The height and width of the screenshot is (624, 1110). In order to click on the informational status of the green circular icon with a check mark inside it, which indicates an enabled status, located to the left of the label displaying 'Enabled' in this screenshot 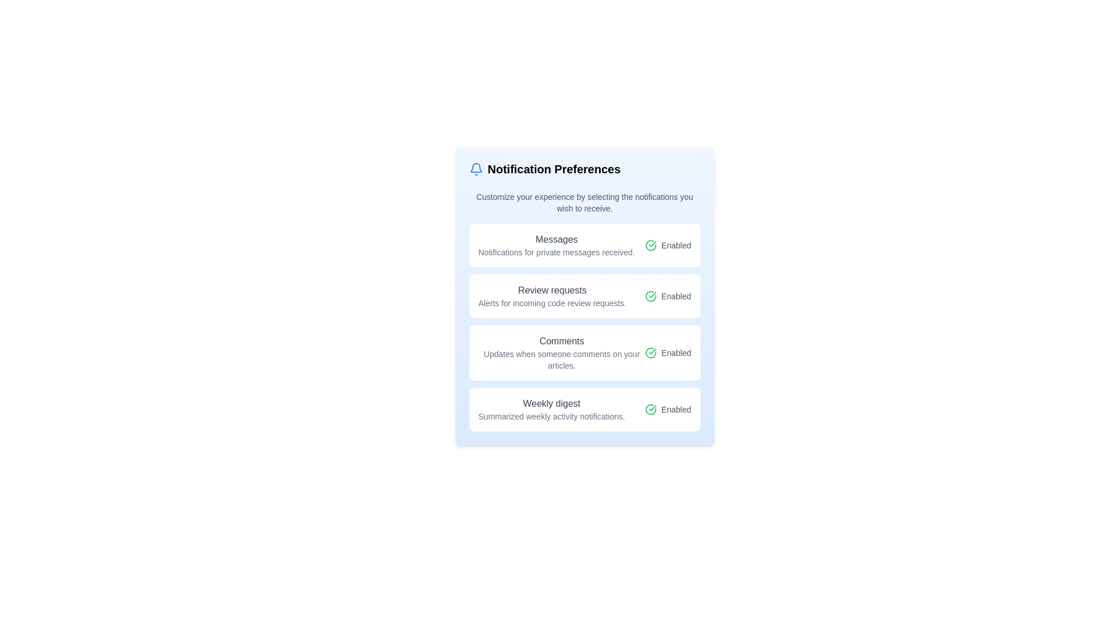, I will do `click(651, 409)`.